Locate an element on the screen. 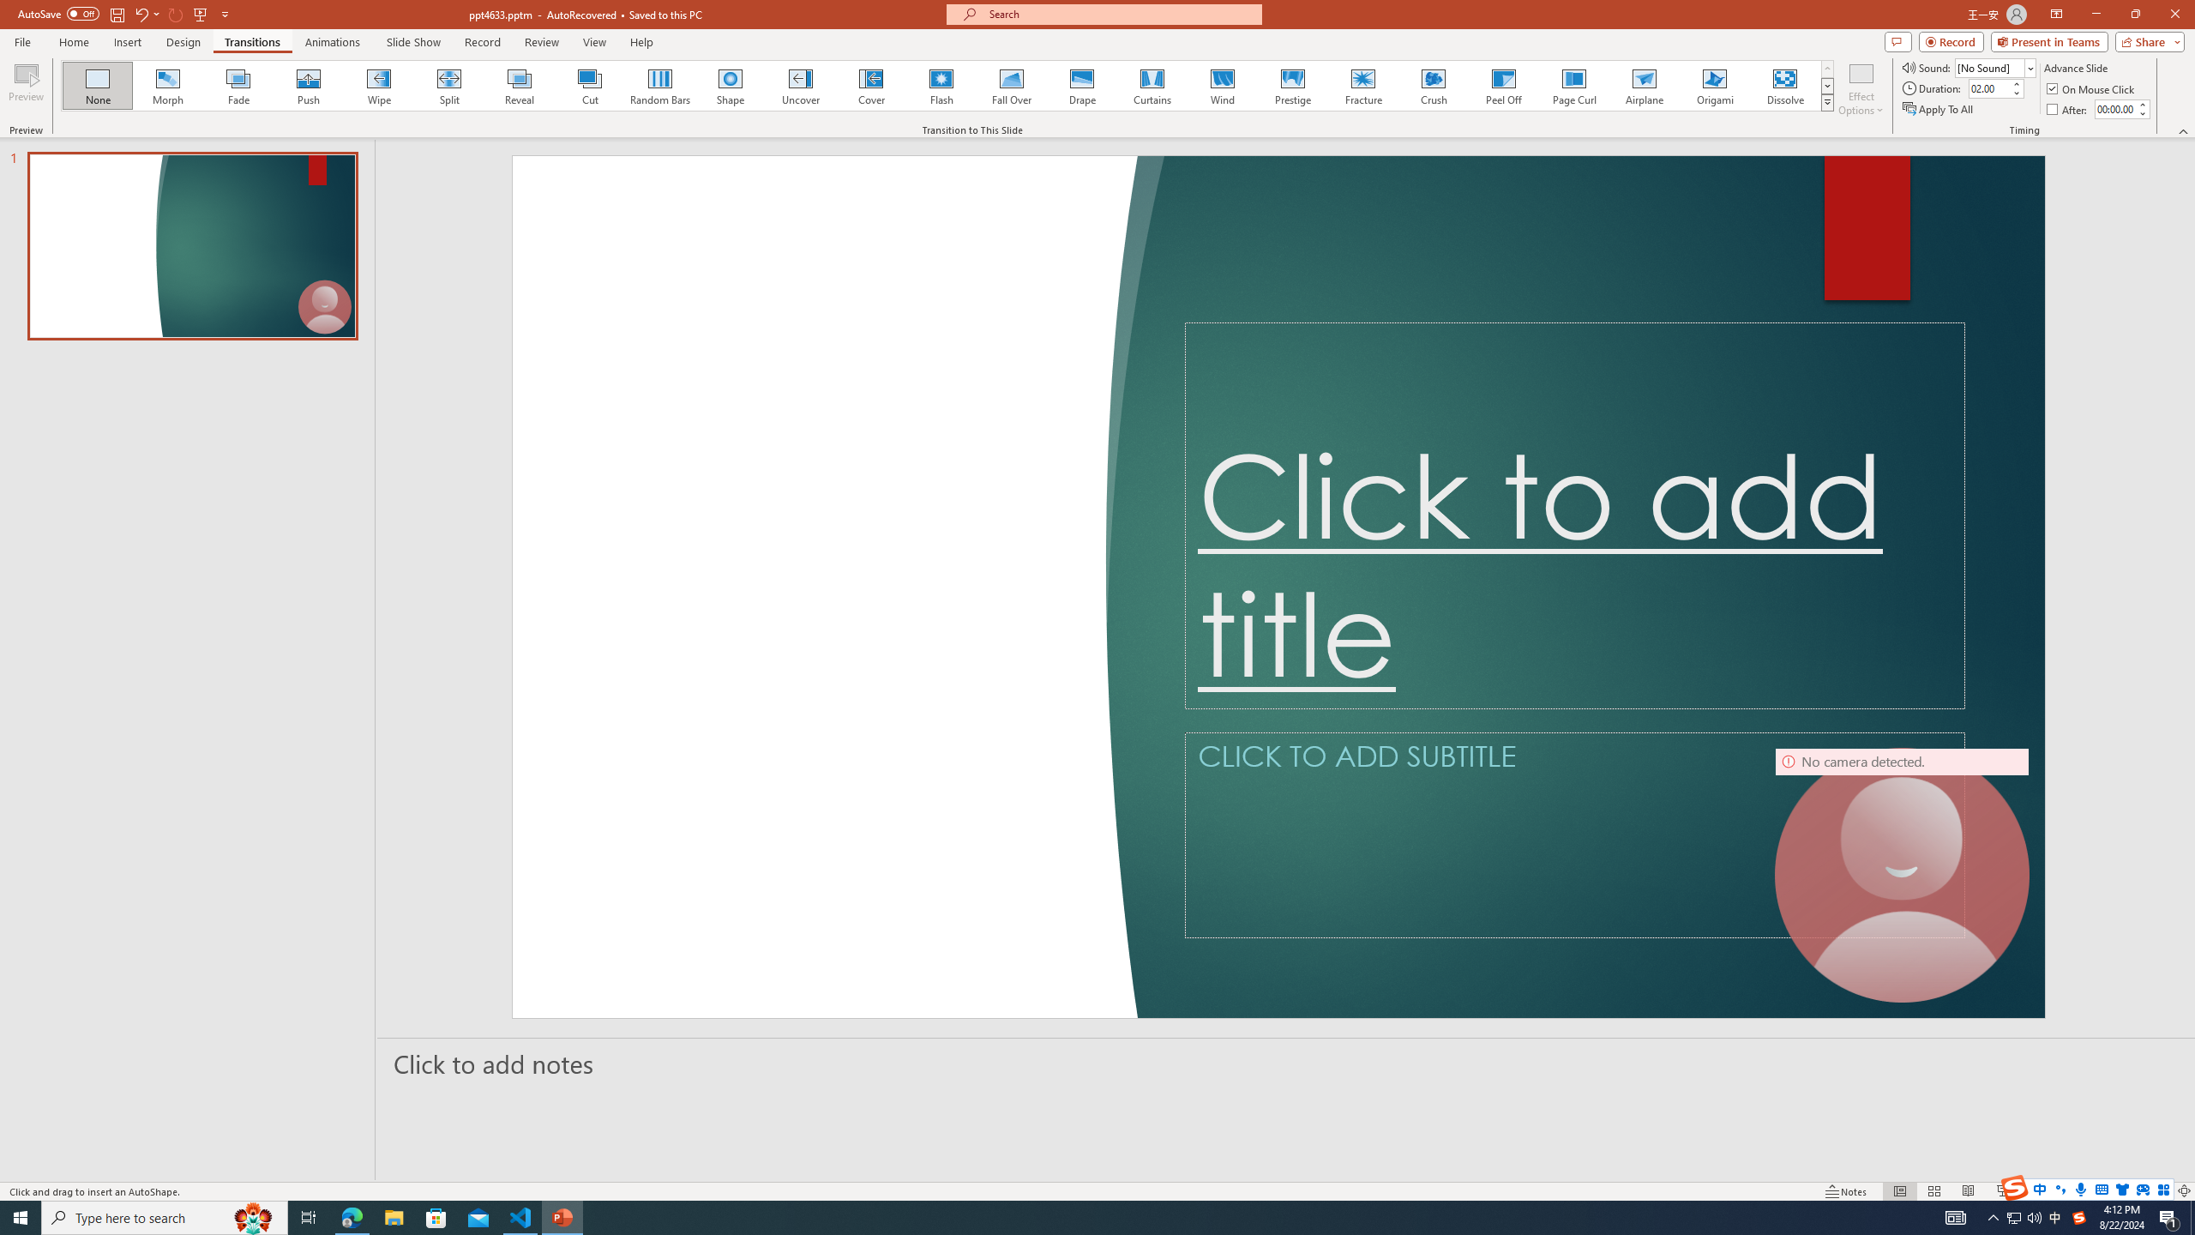  'Transition Effects' is located at coordinates (1827, 101).